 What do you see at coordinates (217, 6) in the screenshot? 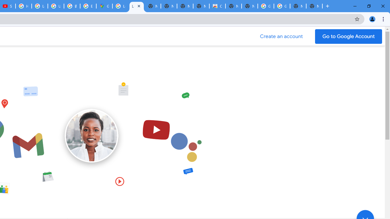
I see `'Chrome Web Store'` at bounding box center [217, 6].